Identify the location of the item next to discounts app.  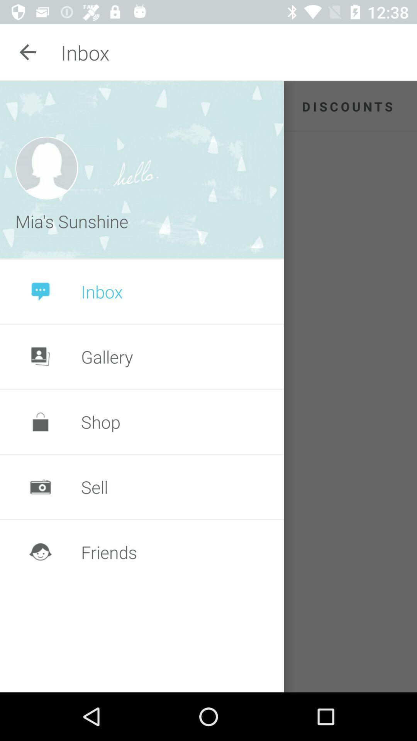
(142, 169).